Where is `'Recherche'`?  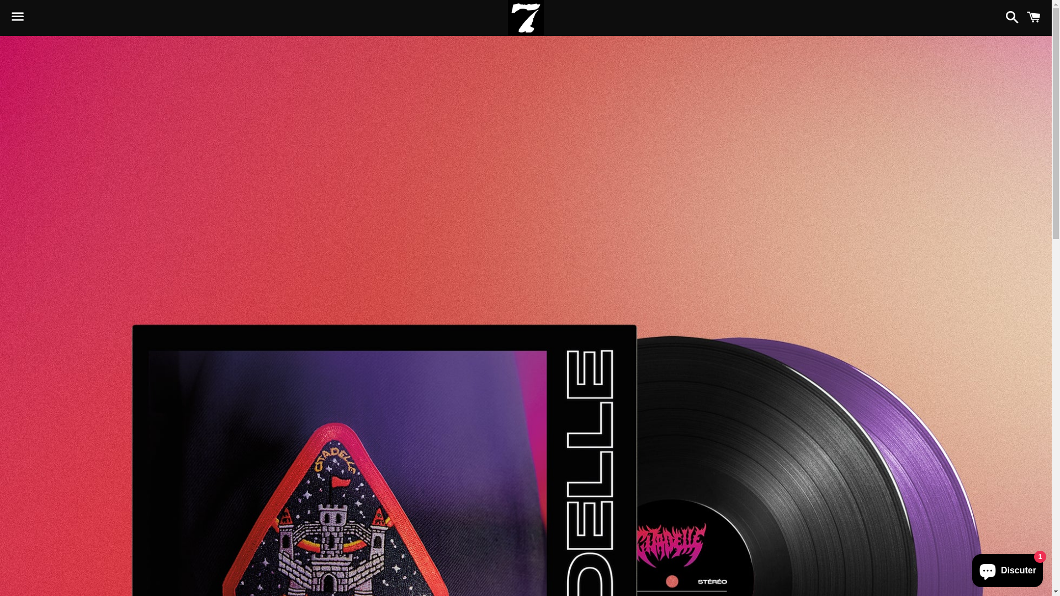 'Recherche' is located at coordinates (999, 17).